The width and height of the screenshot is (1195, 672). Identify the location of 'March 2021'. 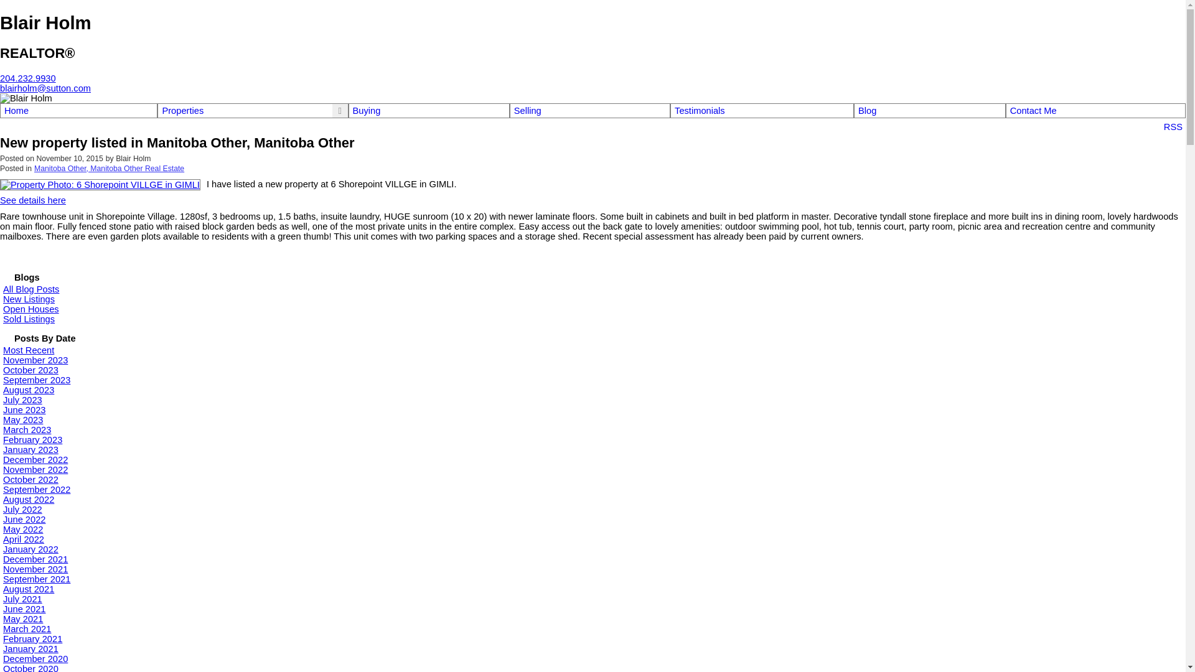
(27, 628).